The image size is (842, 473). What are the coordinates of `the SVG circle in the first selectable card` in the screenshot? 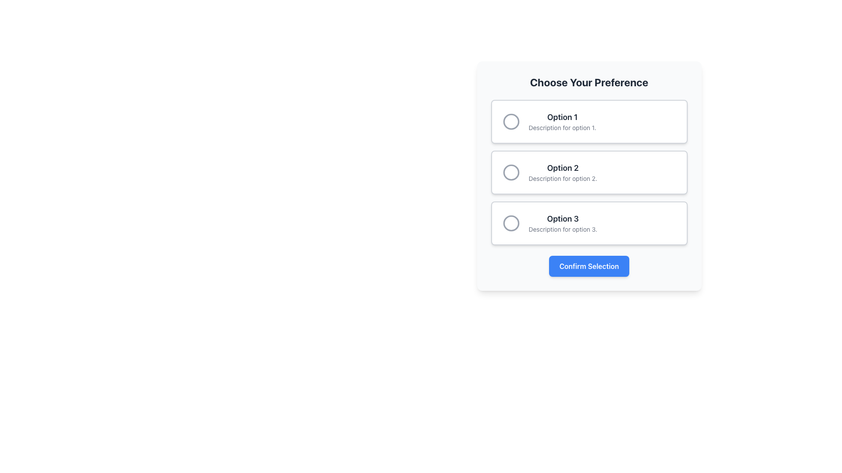 It's located at (511, 121).